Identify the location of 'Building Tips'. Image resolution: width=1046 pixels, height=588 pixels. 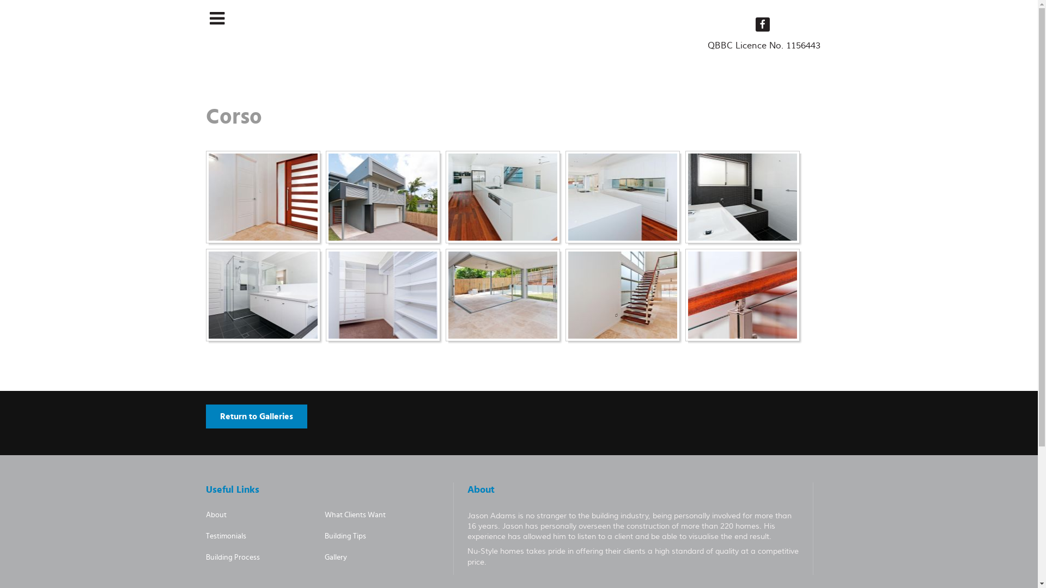
(324, 535).